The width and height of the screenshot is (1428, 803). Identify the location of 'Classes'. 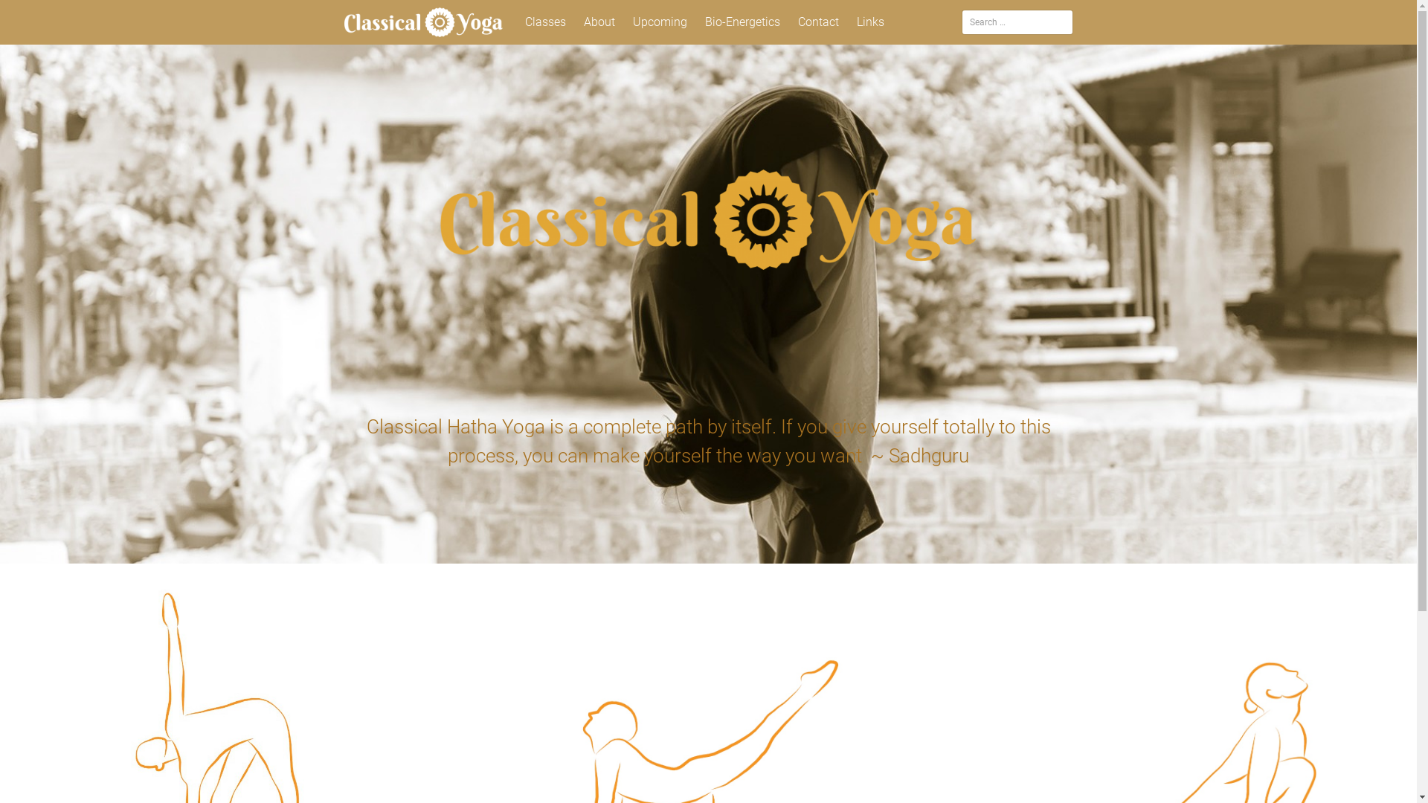
(544, 22).